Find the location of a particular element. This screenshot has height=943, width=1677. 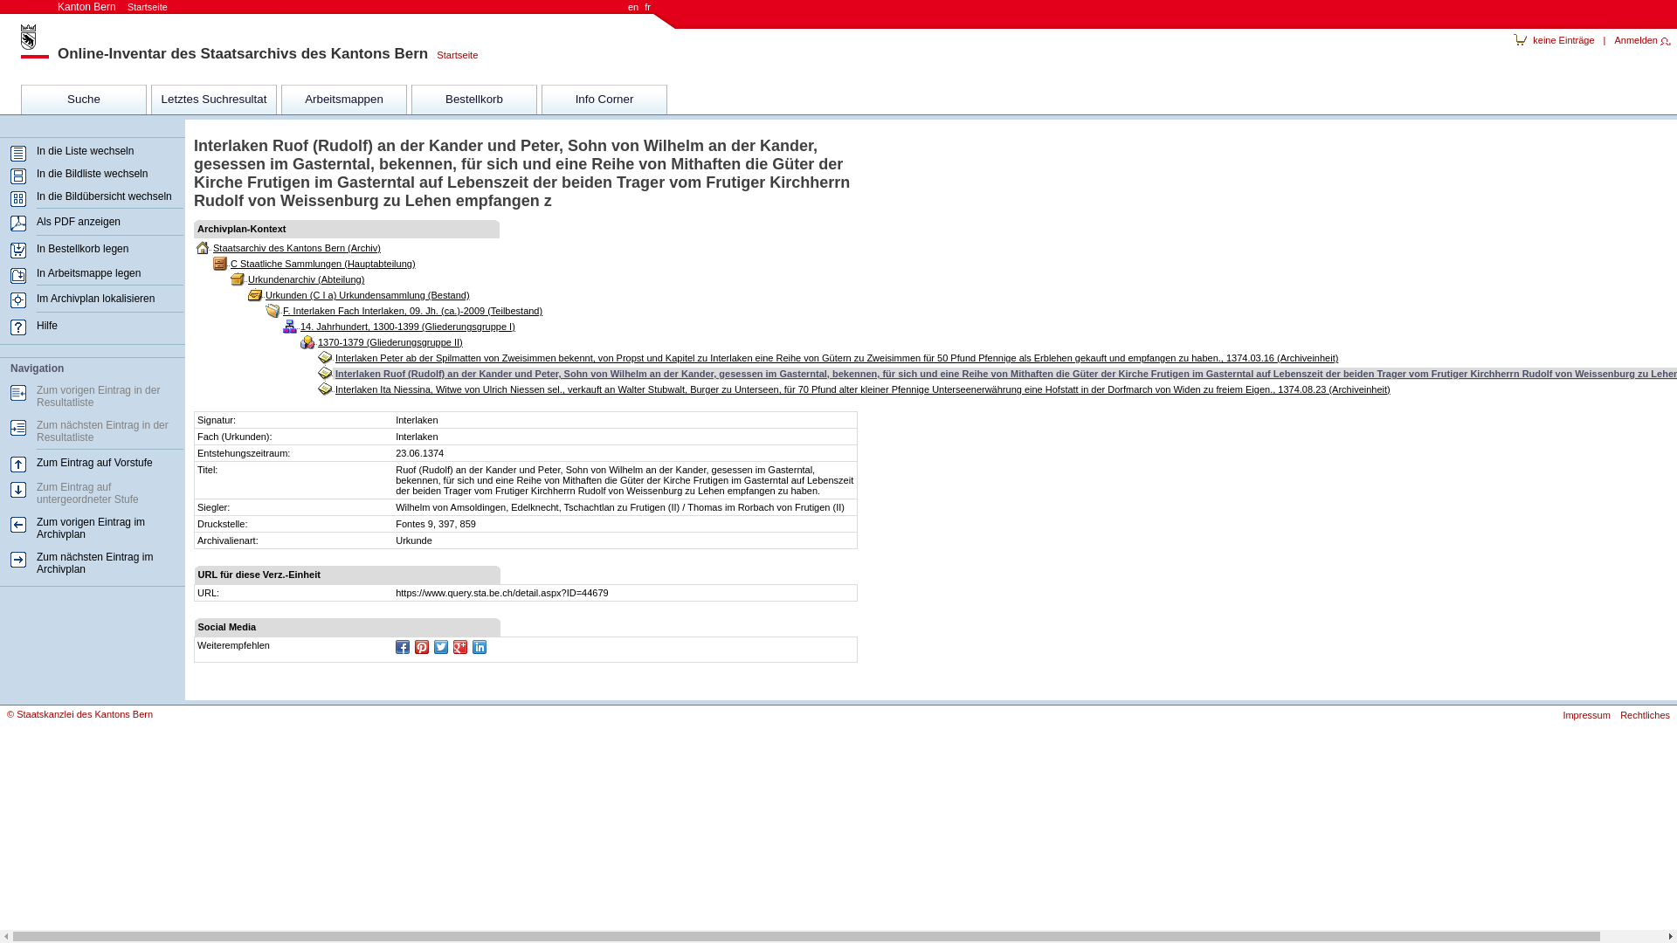

'C Staatliche Sammlungen (Hauptabteilung)' is located at coordinates (226, 263).